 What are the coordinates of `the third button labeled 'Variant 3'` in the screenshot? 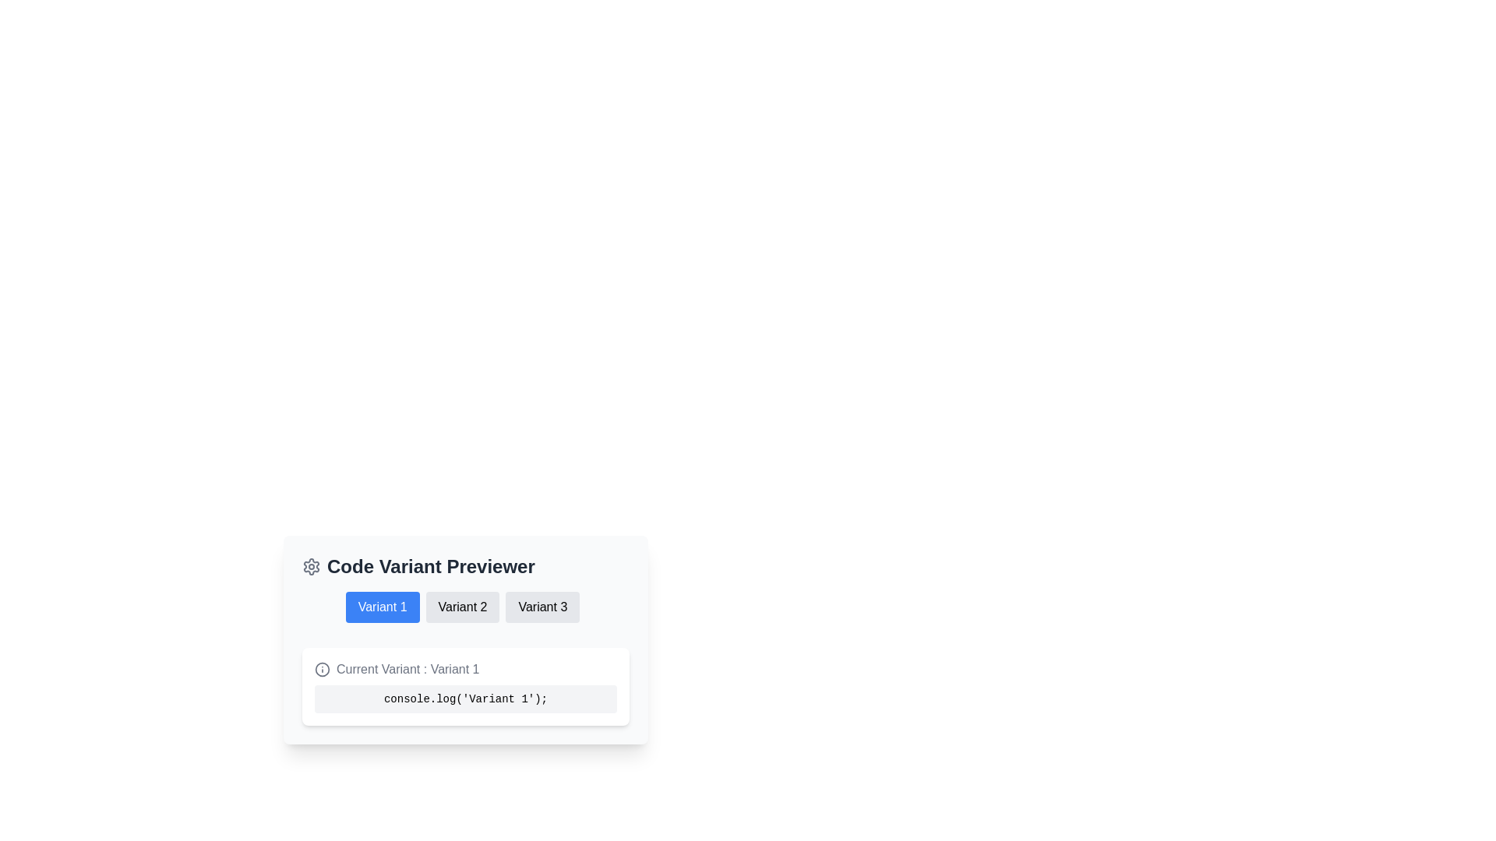 It's located at (542, 606).